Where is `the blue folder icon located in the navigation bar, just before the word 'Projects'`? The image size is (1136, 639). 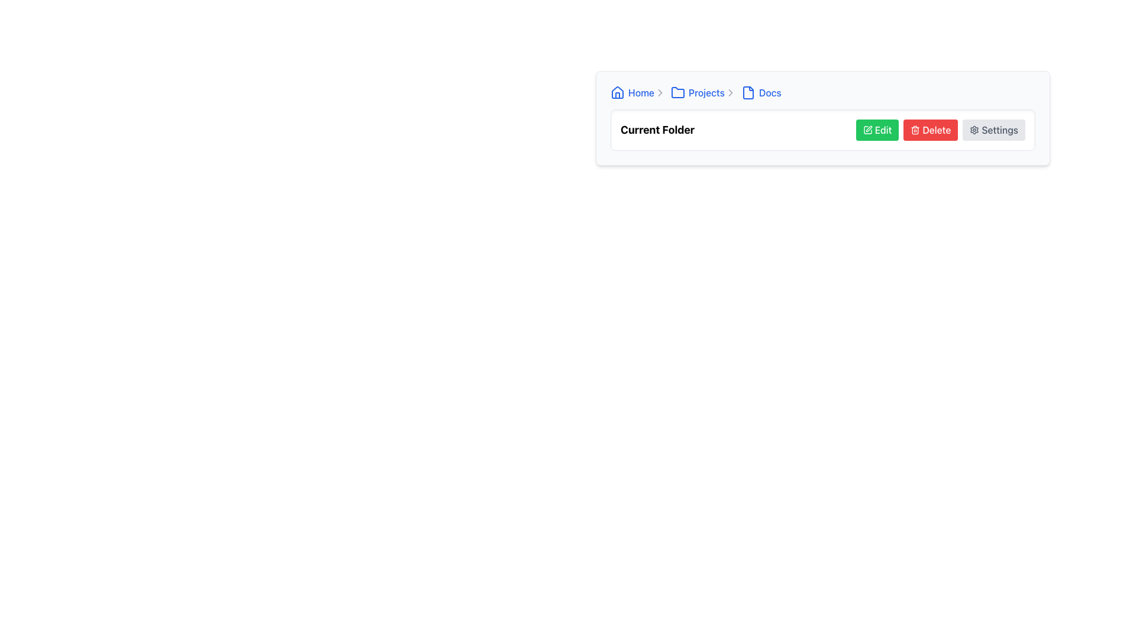
the blue folder icon located in the navigation bar, just before the word 'Projects' is located at coordinates (678, 92).